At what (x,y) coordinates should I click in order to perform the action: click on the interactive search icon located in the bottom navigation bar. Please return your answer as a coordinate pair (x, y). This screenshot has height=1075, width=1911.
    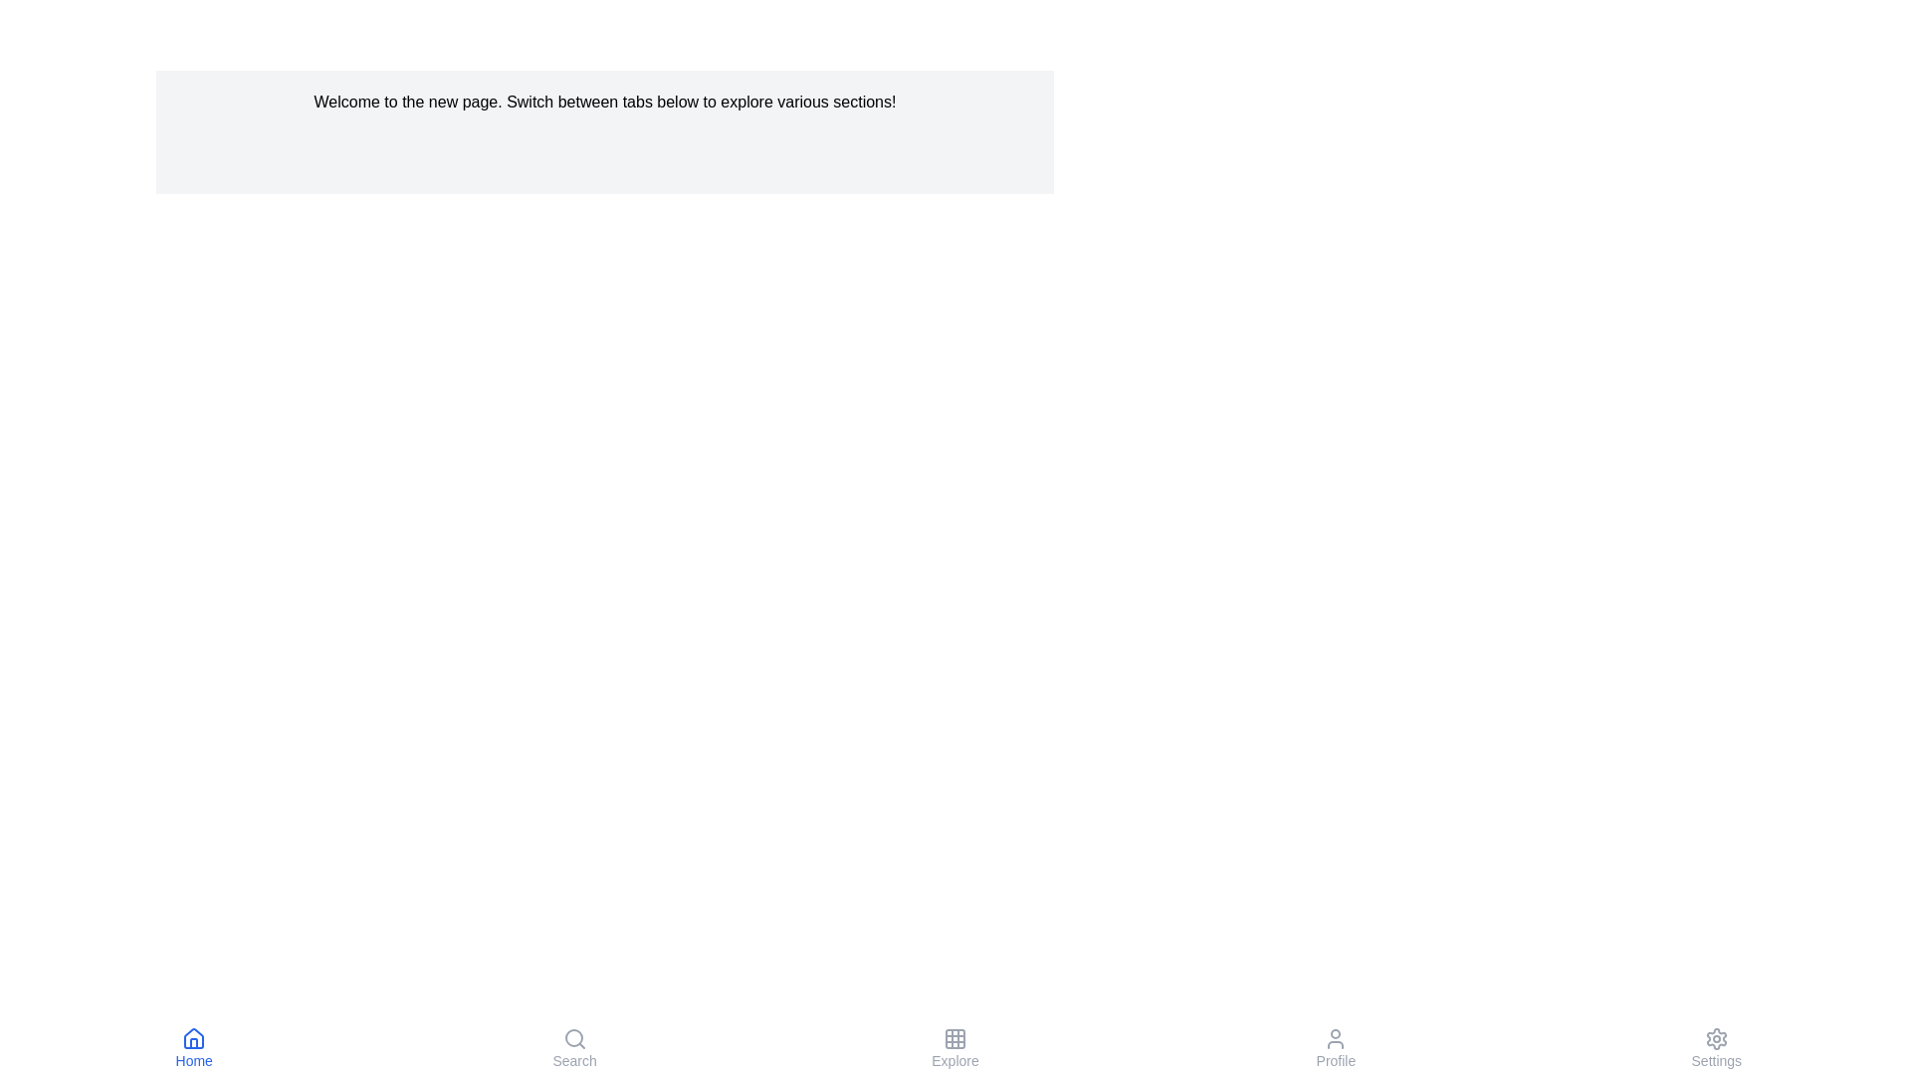
    Looking at the image, I should click on (573, 1038).